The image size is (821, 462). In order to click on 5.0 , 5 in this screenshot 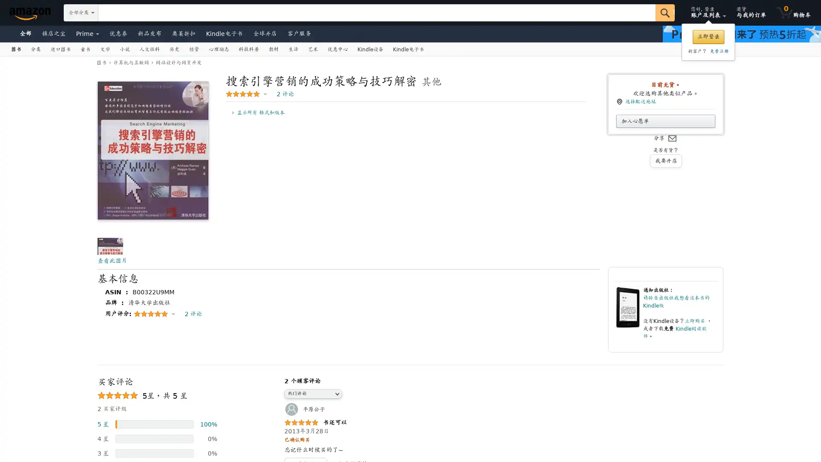, I will do `click(154, 313)`.